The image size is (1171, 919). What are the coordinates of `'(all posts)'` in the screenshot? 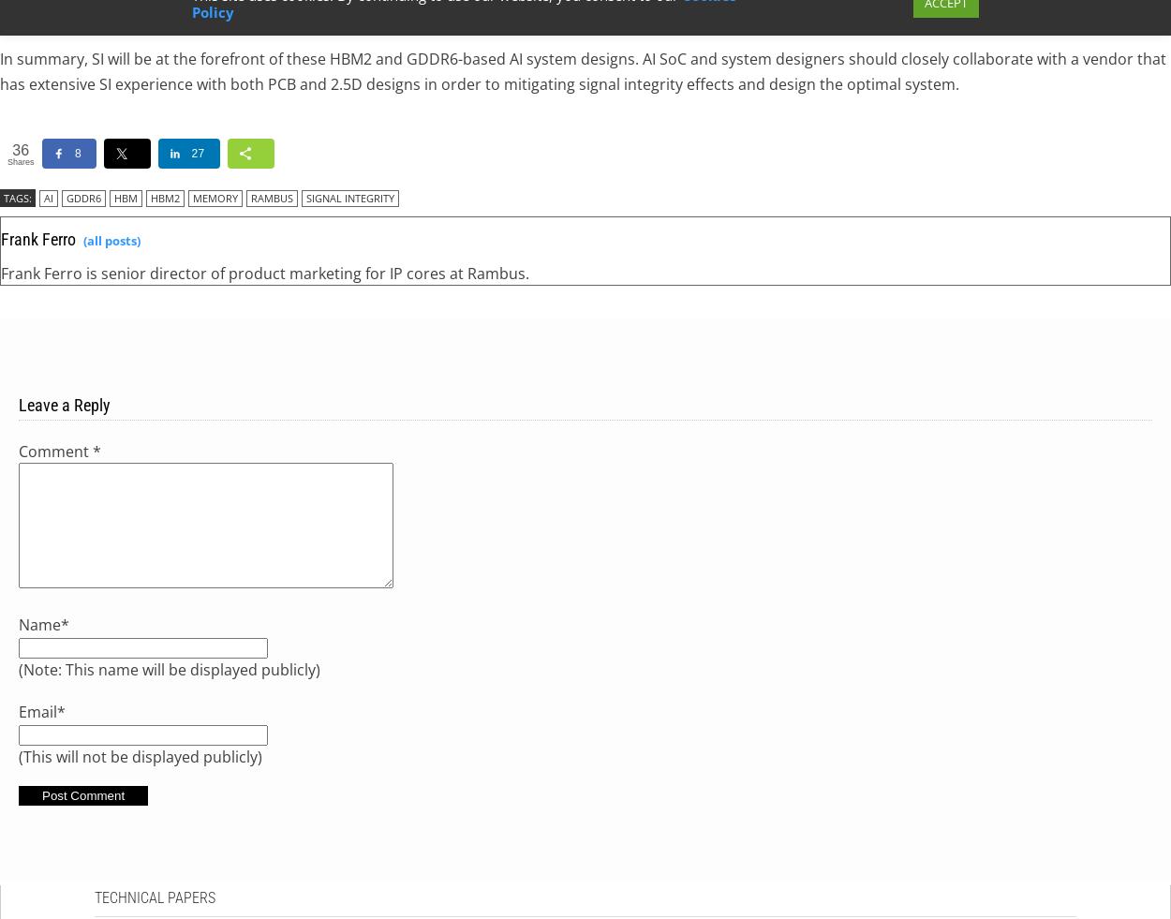 It's located at (111, 239).